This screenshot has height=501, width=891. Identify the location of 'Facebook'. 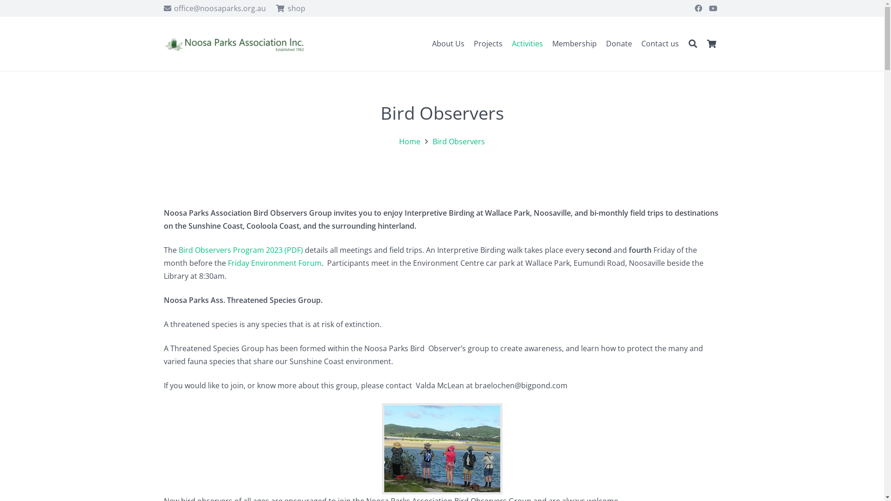
(698, 8).